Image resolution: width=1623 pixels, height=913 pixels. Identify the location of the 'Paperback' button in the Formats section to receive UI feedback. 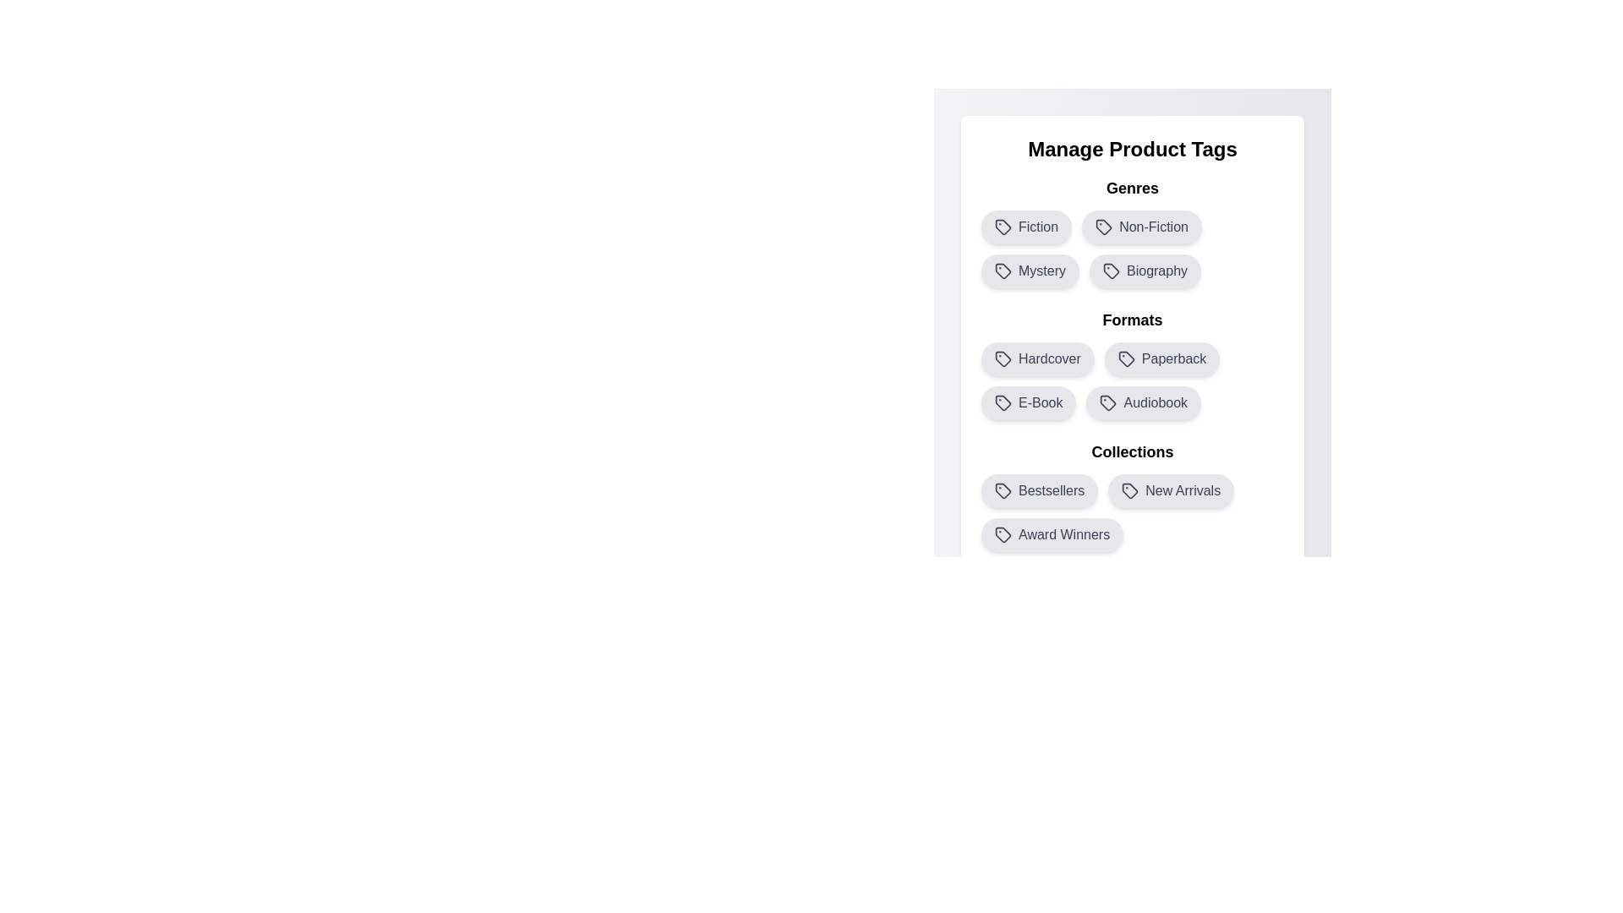
(1132, 364).